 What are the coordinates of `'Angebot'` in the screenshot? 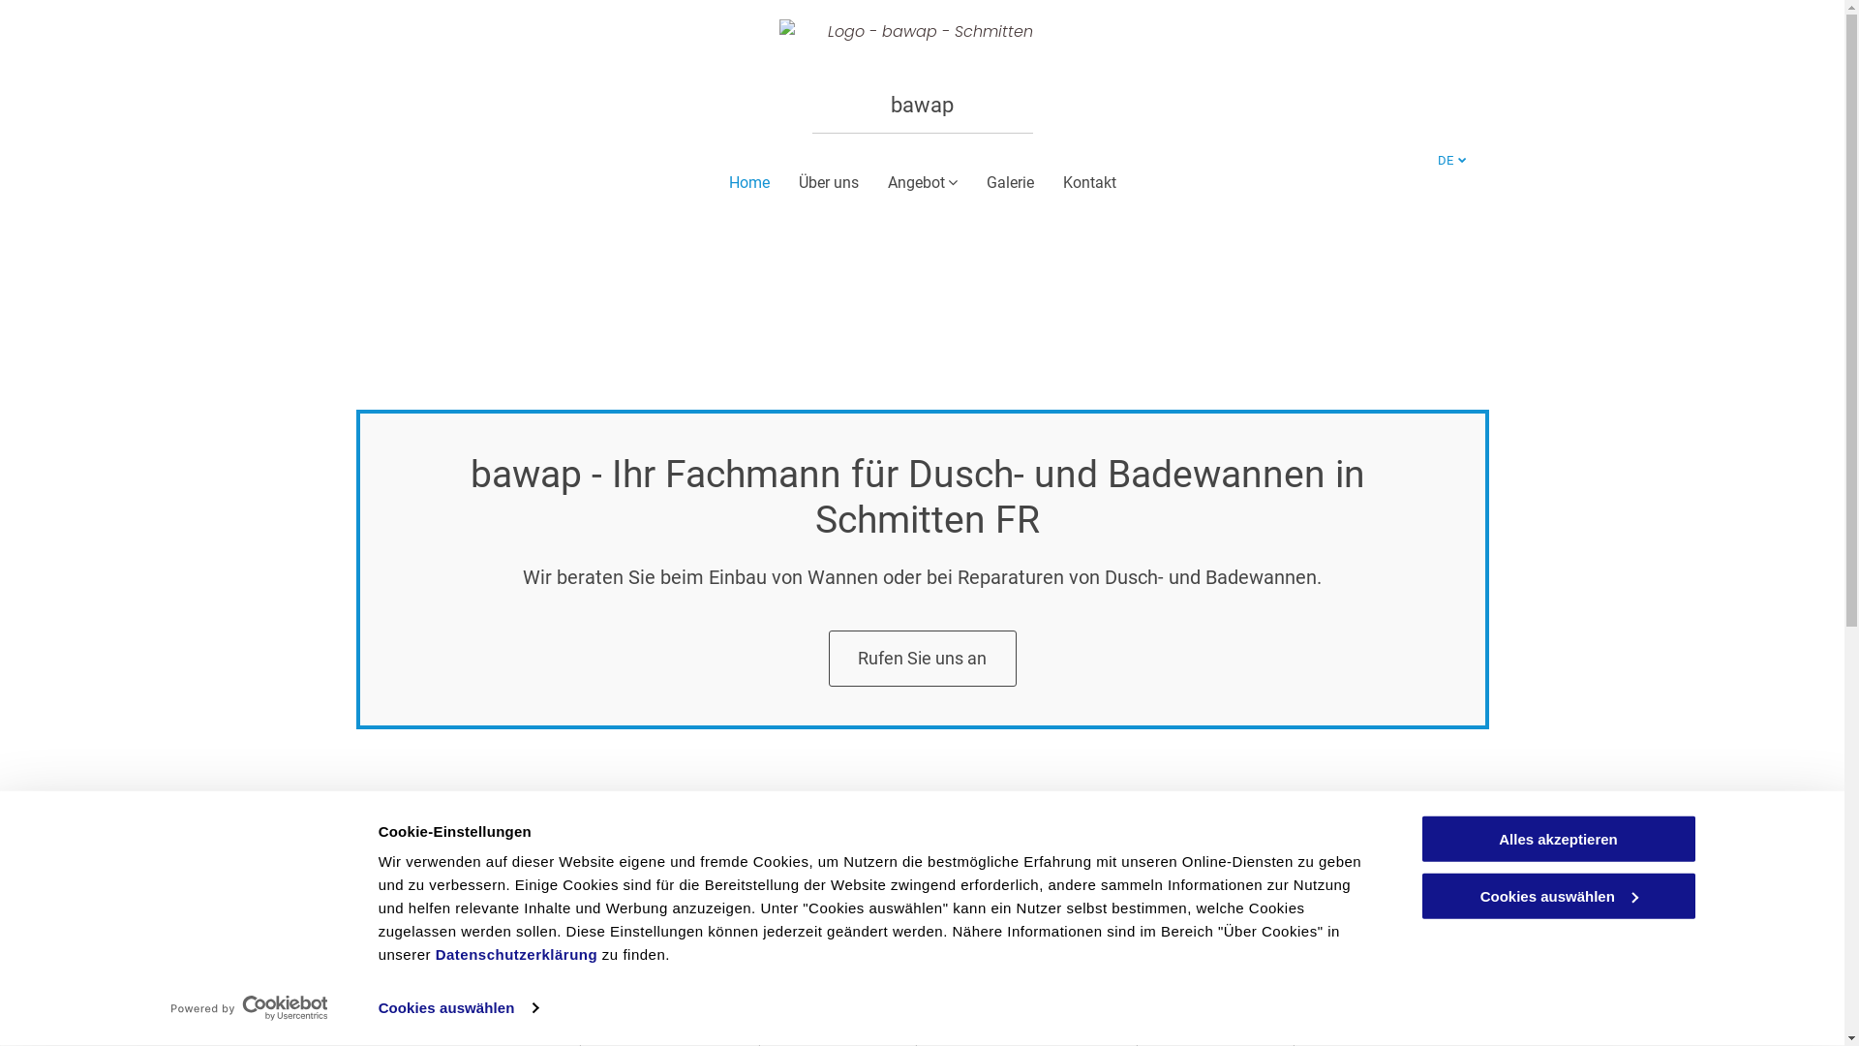 It's located at (920, 182).